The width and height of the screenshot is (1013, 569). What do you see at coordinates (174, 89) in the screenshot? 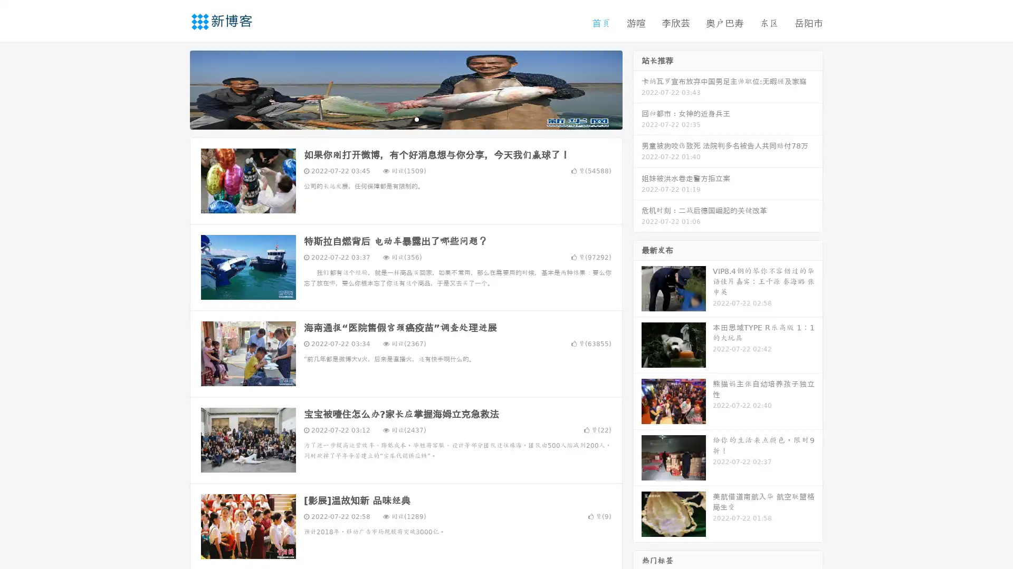
I see `Previous slide` at bounding box center [174, 89].